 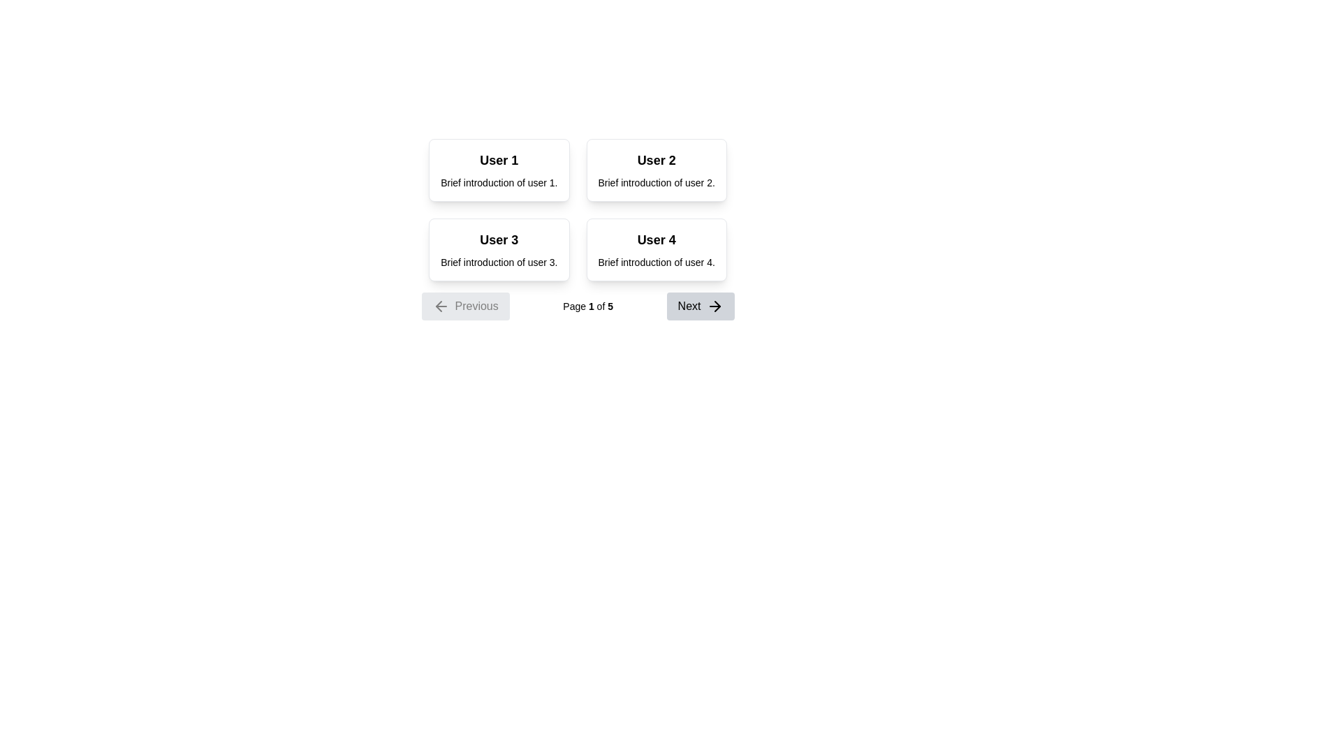 I want to click on descriptive text label about 'User 2' located directly below the 'User 2' title in the top-right quadrant of the grid layout, so click(x=656, y=182).